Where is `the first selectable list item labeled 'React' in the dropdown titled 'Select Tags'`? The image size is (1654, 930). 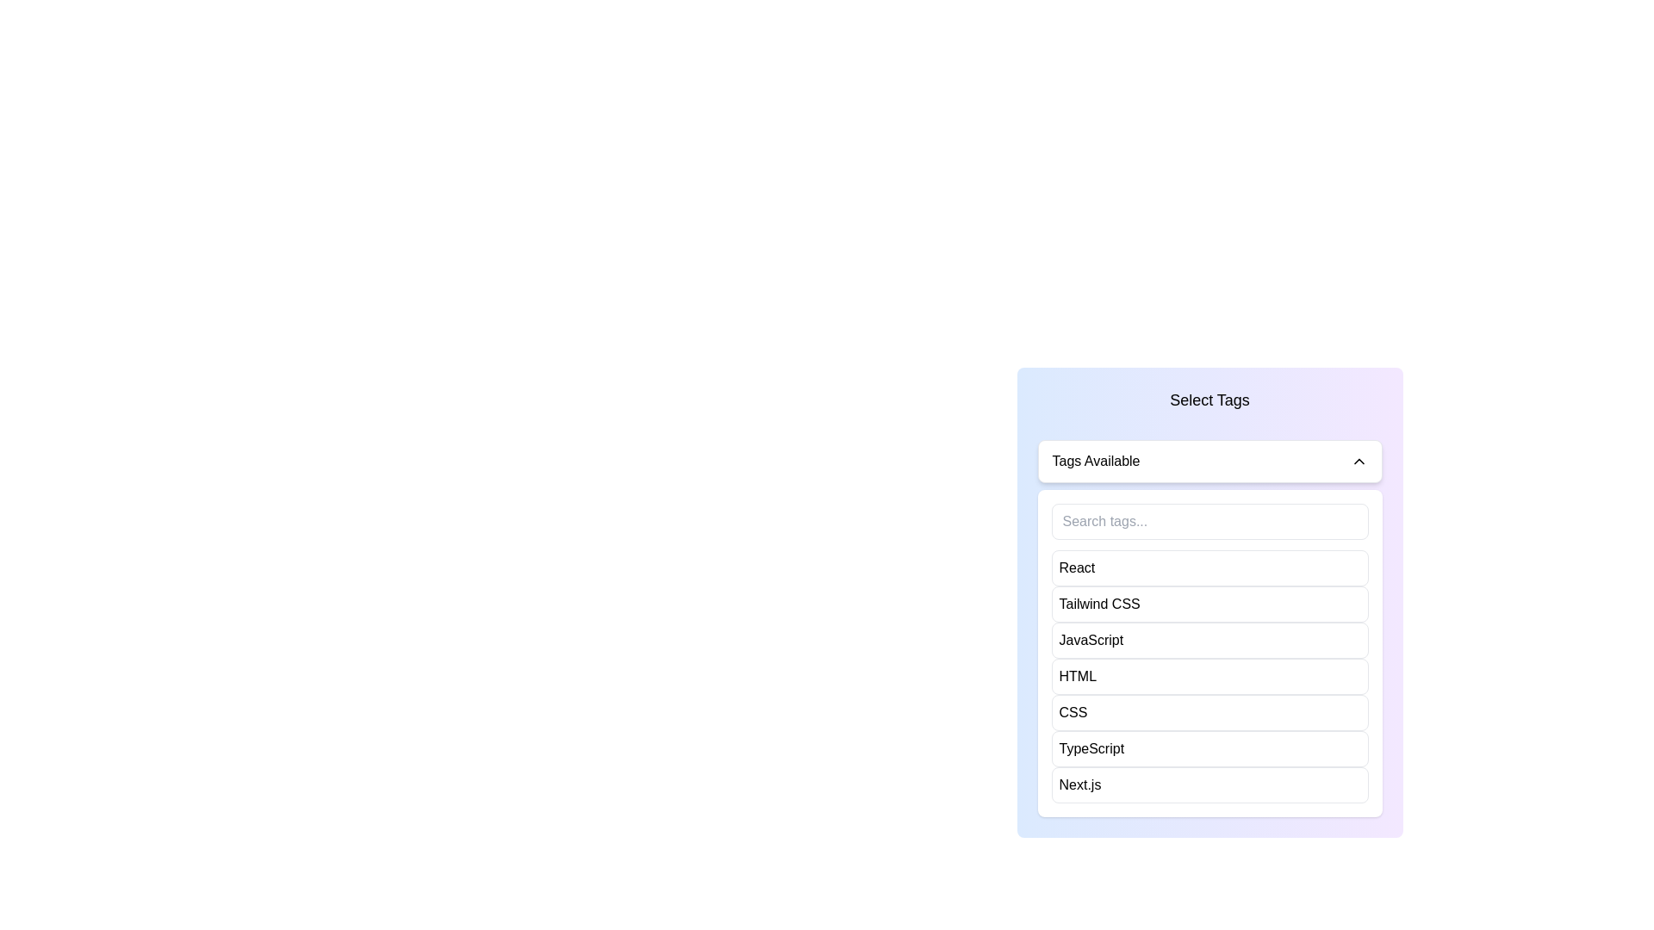
the first selectable list item labeled 'React' in the dropdown titled 'Select Tags' is located at coordinates (1075, 567).